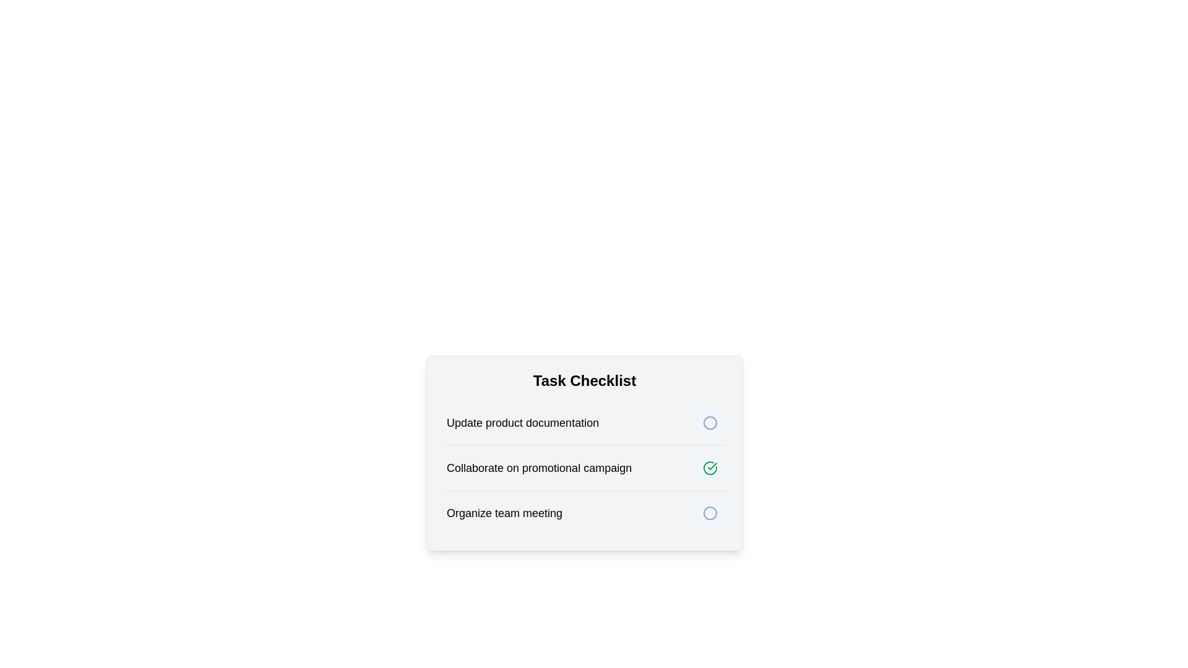  What do you see at coordinates (710, 513) in the screenshot?
I see `the interactive status indicator icon for the task 'Organize team meeting'` at bounding box center [710, 513].